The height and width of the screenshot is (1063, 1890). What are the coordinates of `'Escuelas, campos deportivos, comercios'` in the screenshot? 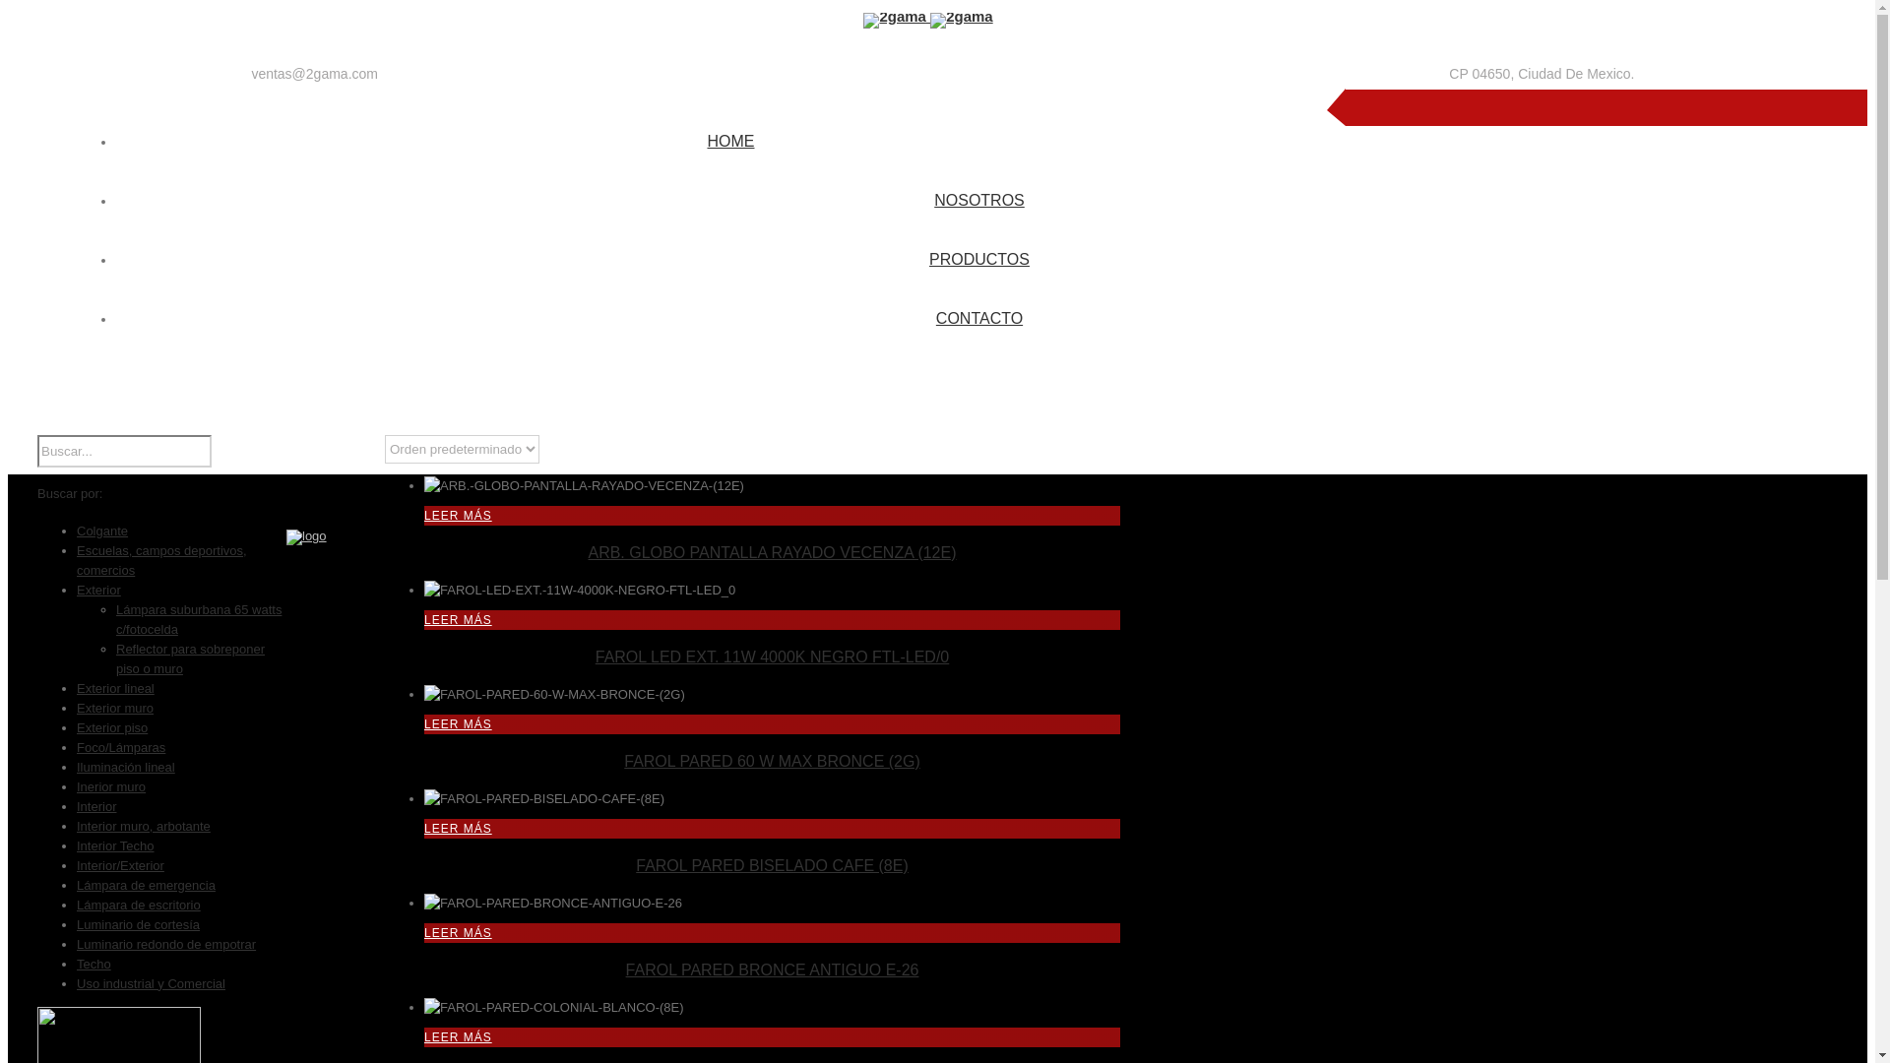 It's located at (161, 560).